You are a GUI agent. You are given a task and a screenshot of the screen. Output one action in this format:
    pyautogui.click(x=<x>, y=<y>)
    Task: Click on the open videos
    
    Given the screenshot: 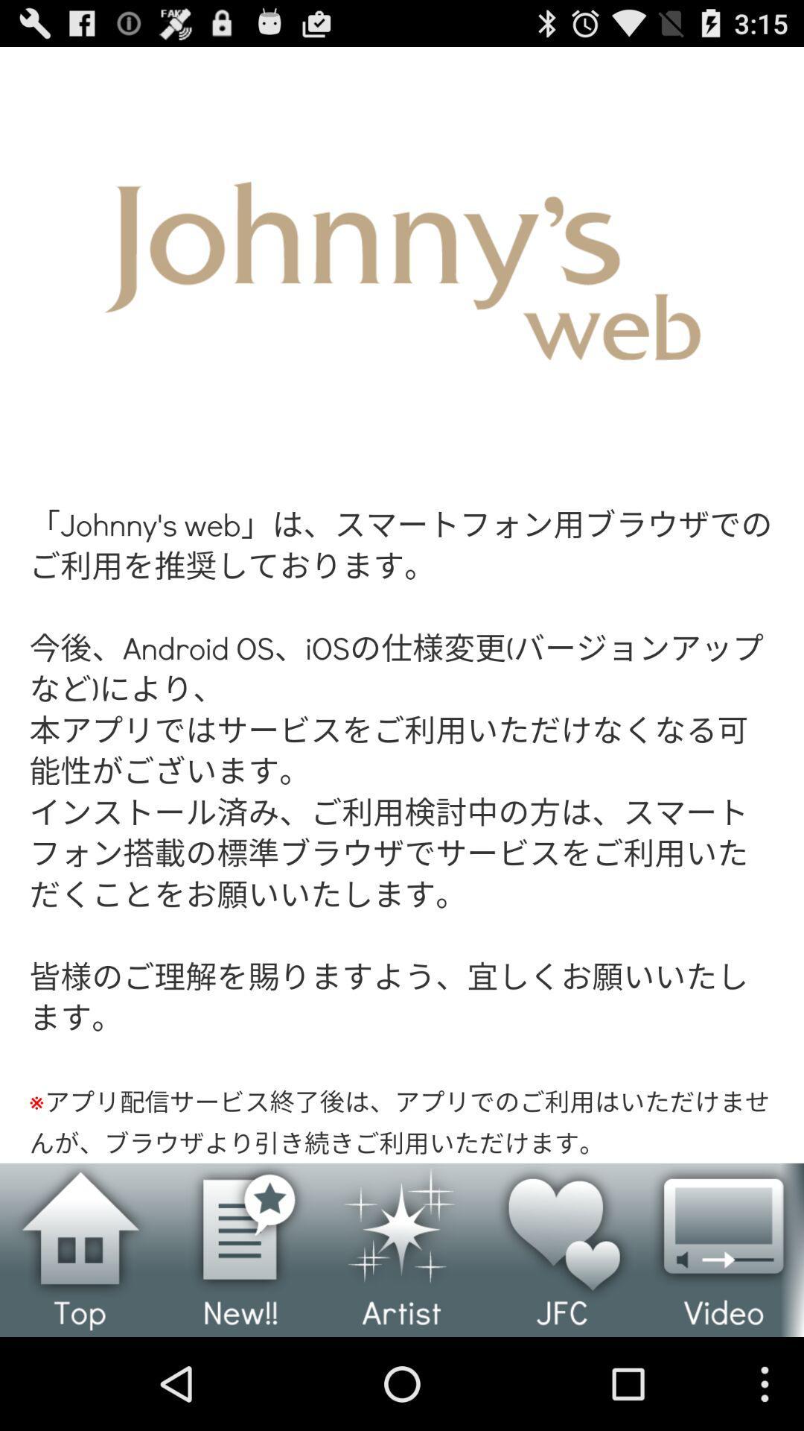 What is the action you would take?
    pyautogui.click(x=723, y=1250)
    